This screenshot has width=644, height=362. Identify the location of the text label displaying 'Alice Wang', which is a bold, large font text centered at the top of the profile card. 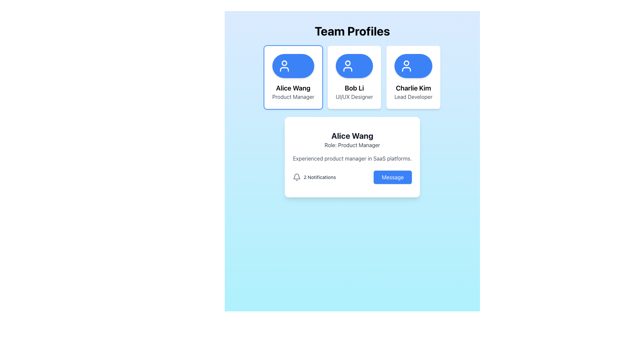
(352, 136).